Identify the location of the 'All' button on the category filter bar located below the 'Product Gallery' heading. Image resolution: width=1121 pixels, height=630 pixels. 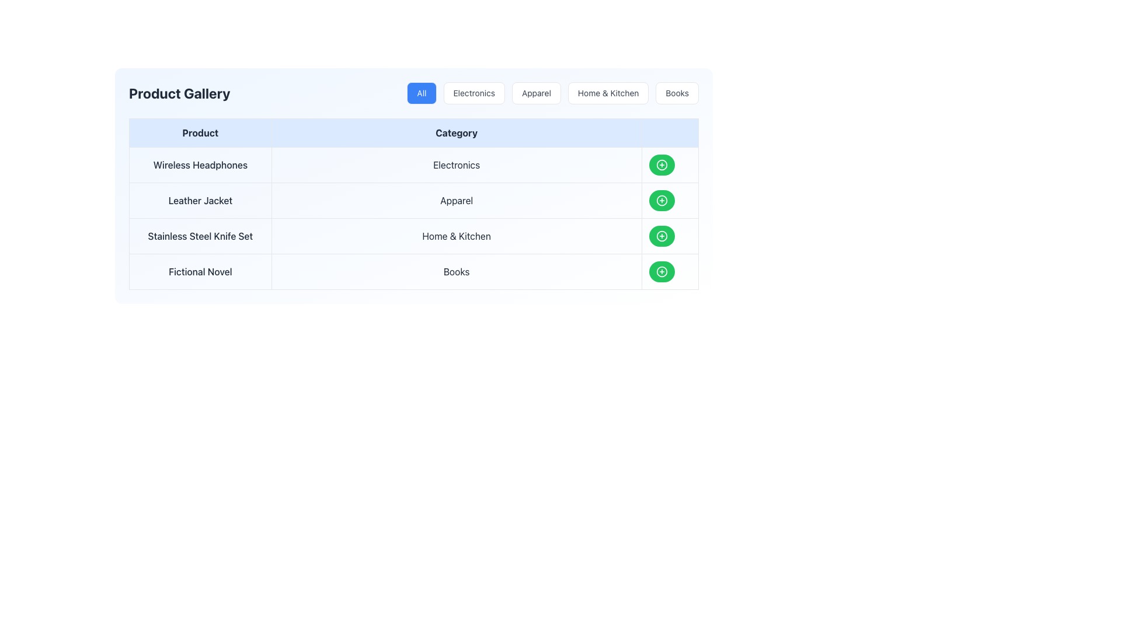
(414, 92).